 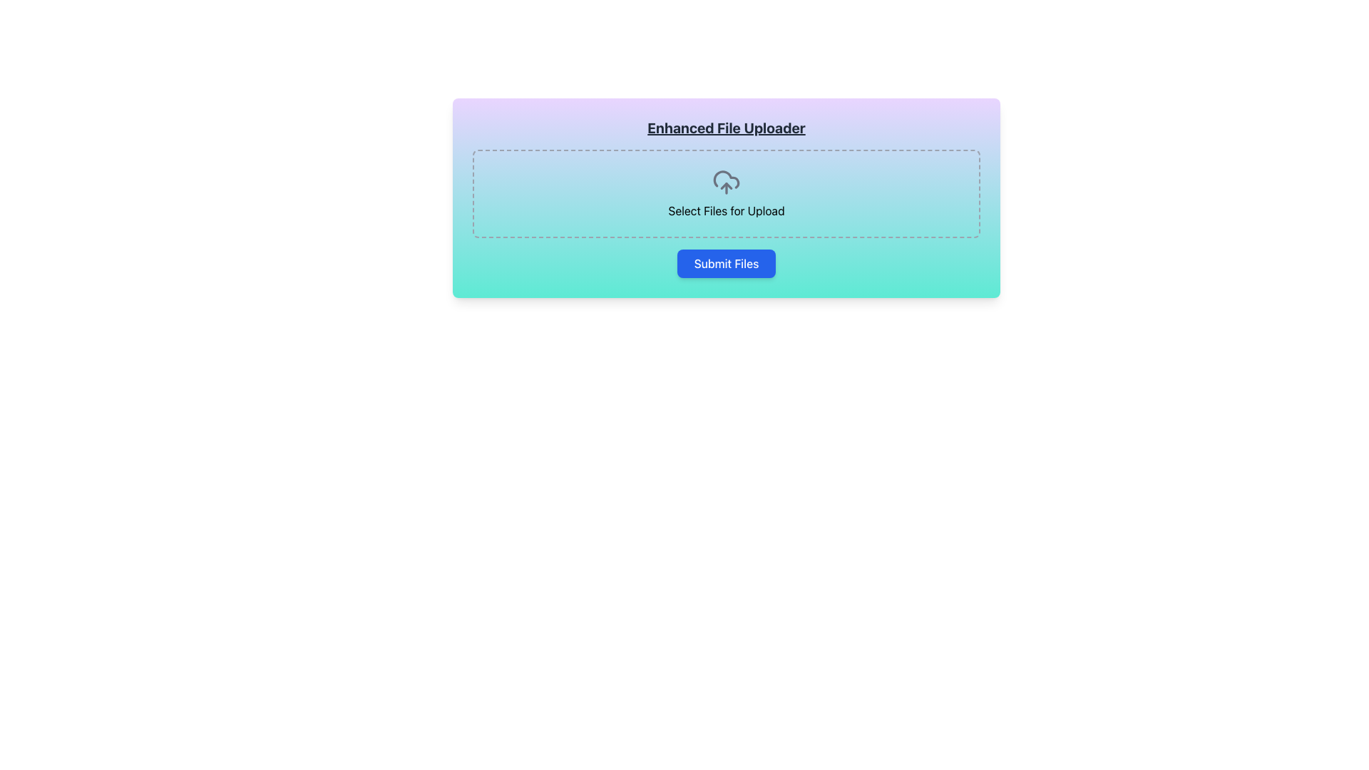 What do you see at coordinates (726, 192) in the screenshot?
I see `the clickable area labeled 'Select Files for Upload' which features a cloud icon` at bounding box center [726, 192].